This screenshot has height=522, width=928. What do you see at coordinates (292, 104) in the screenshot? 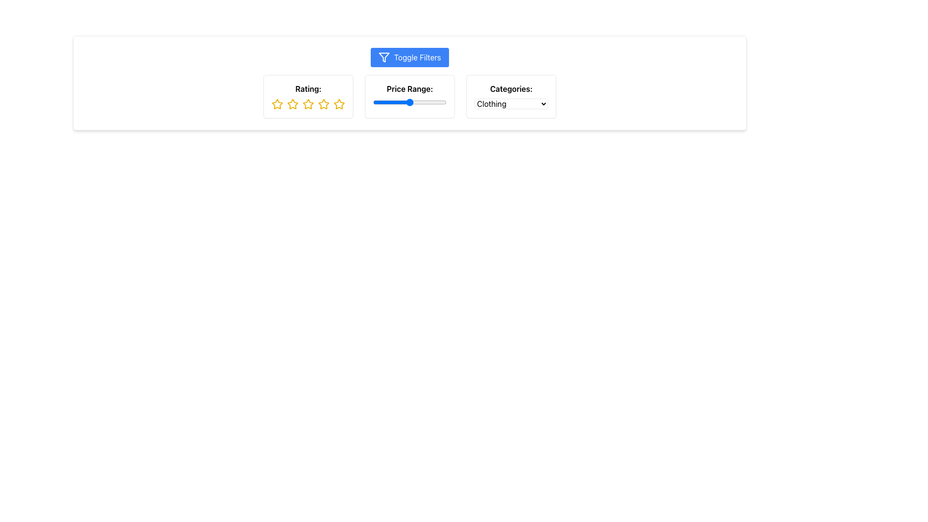
I see `the second star icon in the rating section` at bounding box center [292, 104].